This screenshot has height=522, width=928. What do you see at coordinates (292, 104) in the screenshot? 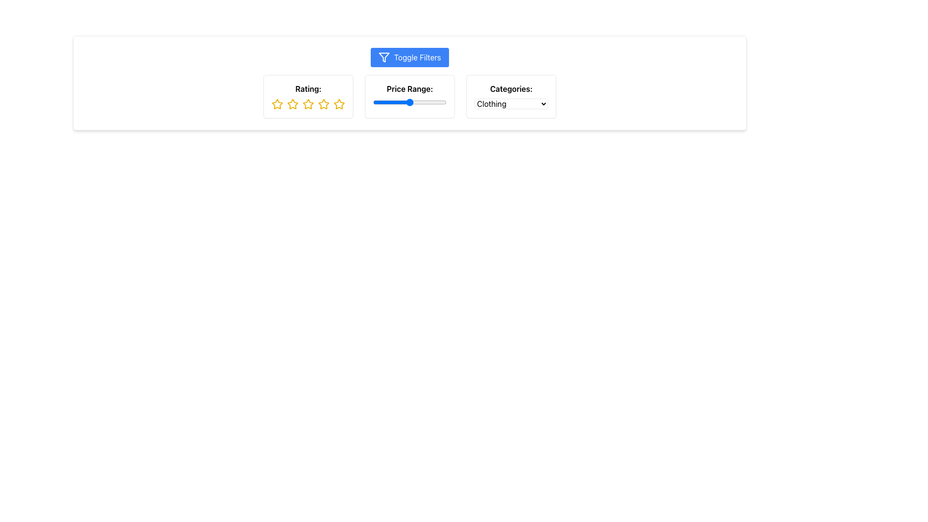
I see `the second star icon in the rating section` at bounding box center [292, 104].